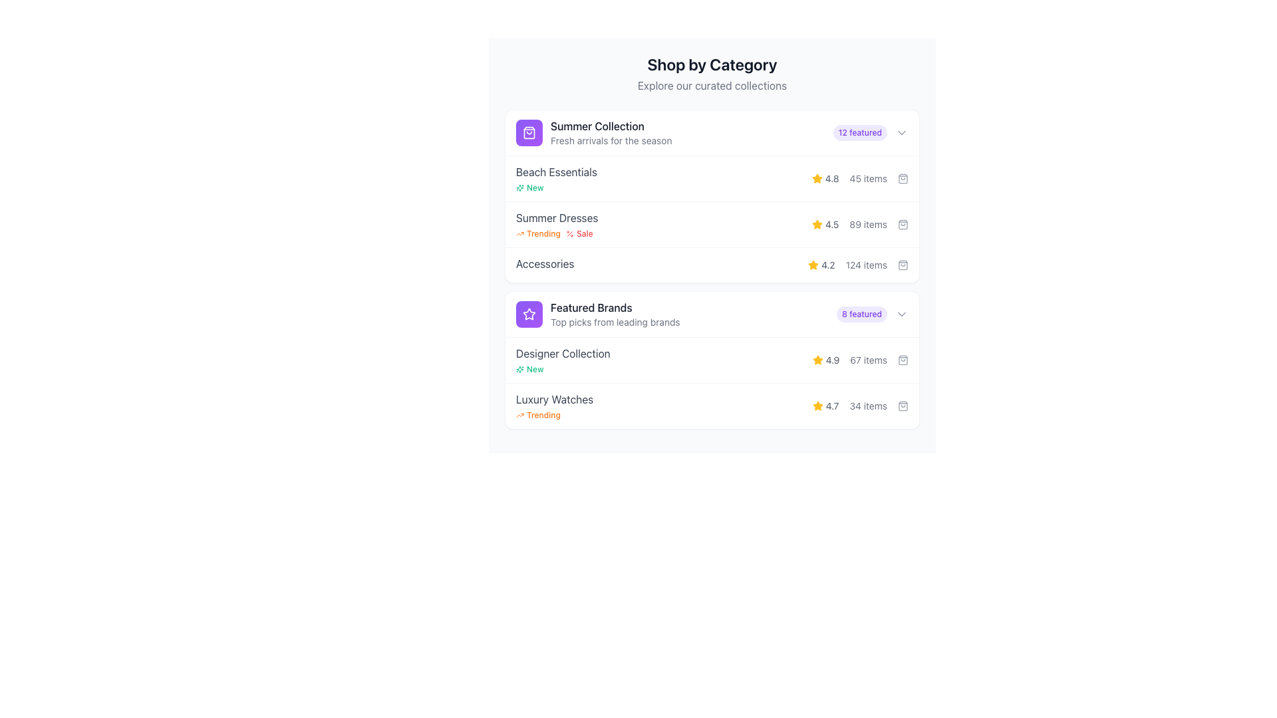 The width and height of the screenshot is (1277, 718). What do you see at coordinates (903, 405) in the screenshot?
I see `the main body outline of the shopping bag icon located near the 'Luxury Watches' text` at bounding box center [903, 405].